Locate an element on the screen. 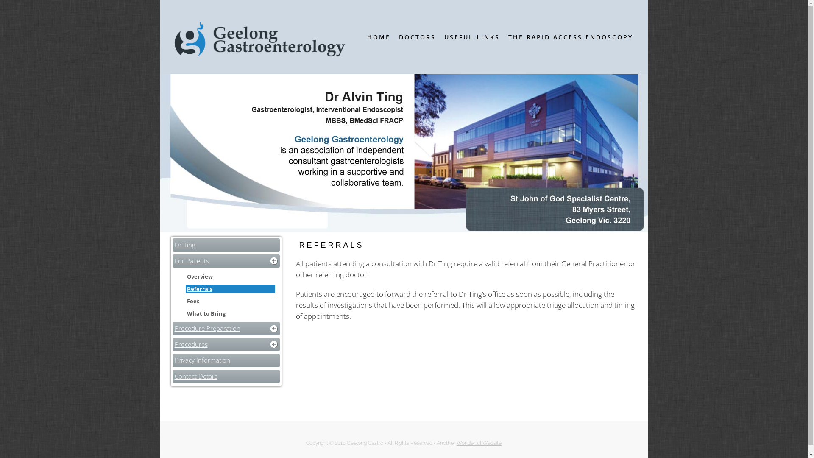 The width and height of the screenshot is (814, 458). 'THE RAPID ACCESS ENDOSCOPY' is located at coordinates (570, 36).